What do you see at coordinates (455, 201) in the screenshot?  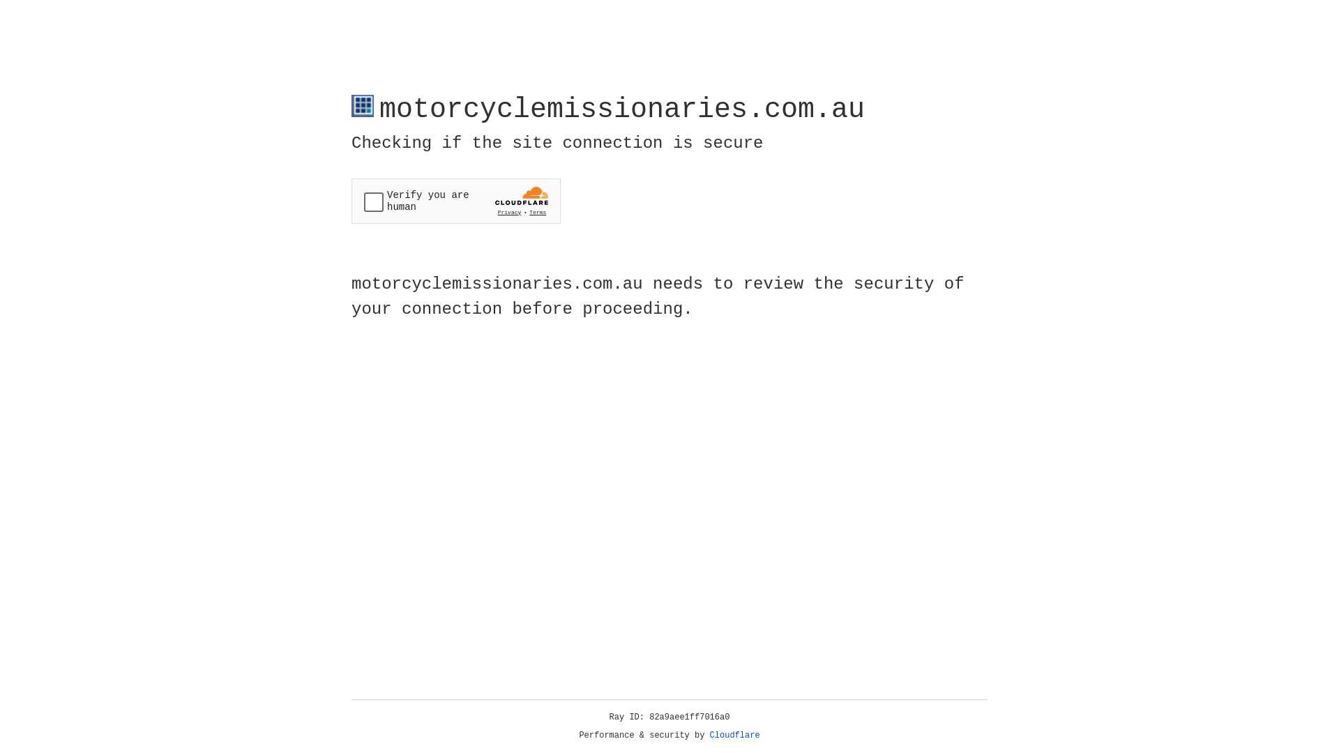 I see `'Widget containing a Cloudflare security challenge'` at bounding box center [455, 201].